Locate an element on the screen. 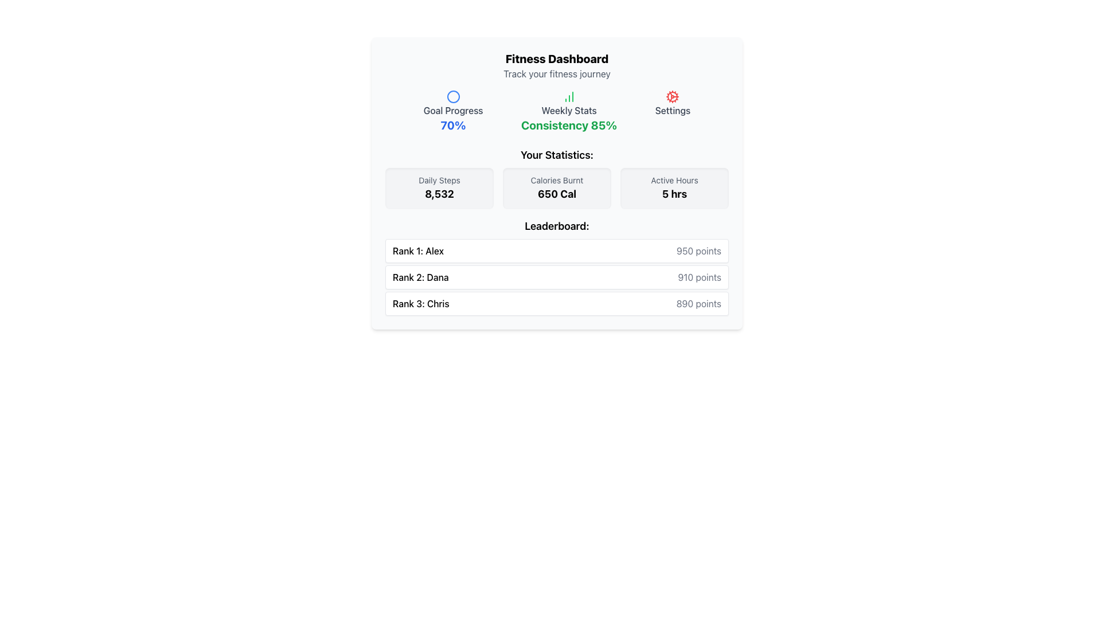  the 'Fitness Dashboard' text block, which features a bold title and a smaller subtitle is located at coordinates (557, 66).